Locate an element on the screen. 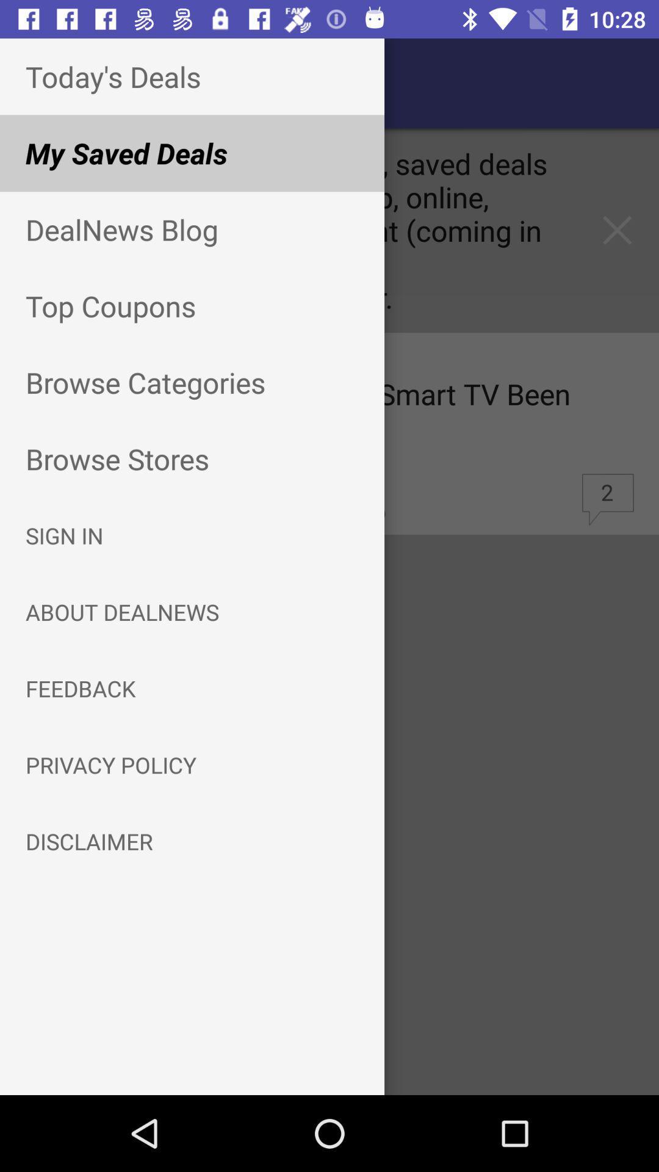 Image resolution: width=659 pixels, height=1172 pixels. the close icon is located at coordinates (617, 230).